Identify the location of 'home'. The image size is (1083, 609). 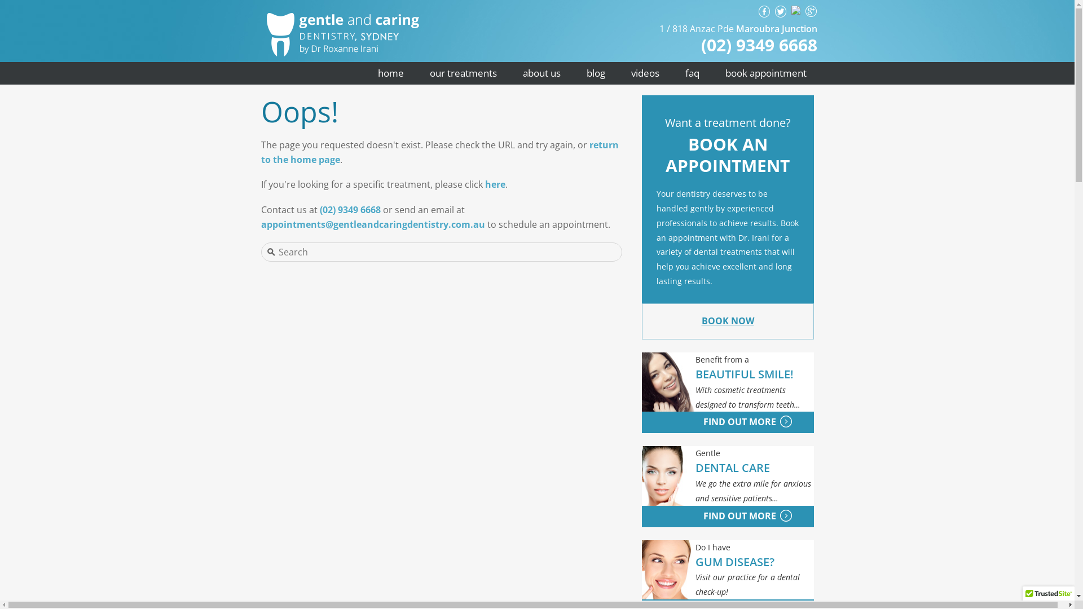
(390, 73).